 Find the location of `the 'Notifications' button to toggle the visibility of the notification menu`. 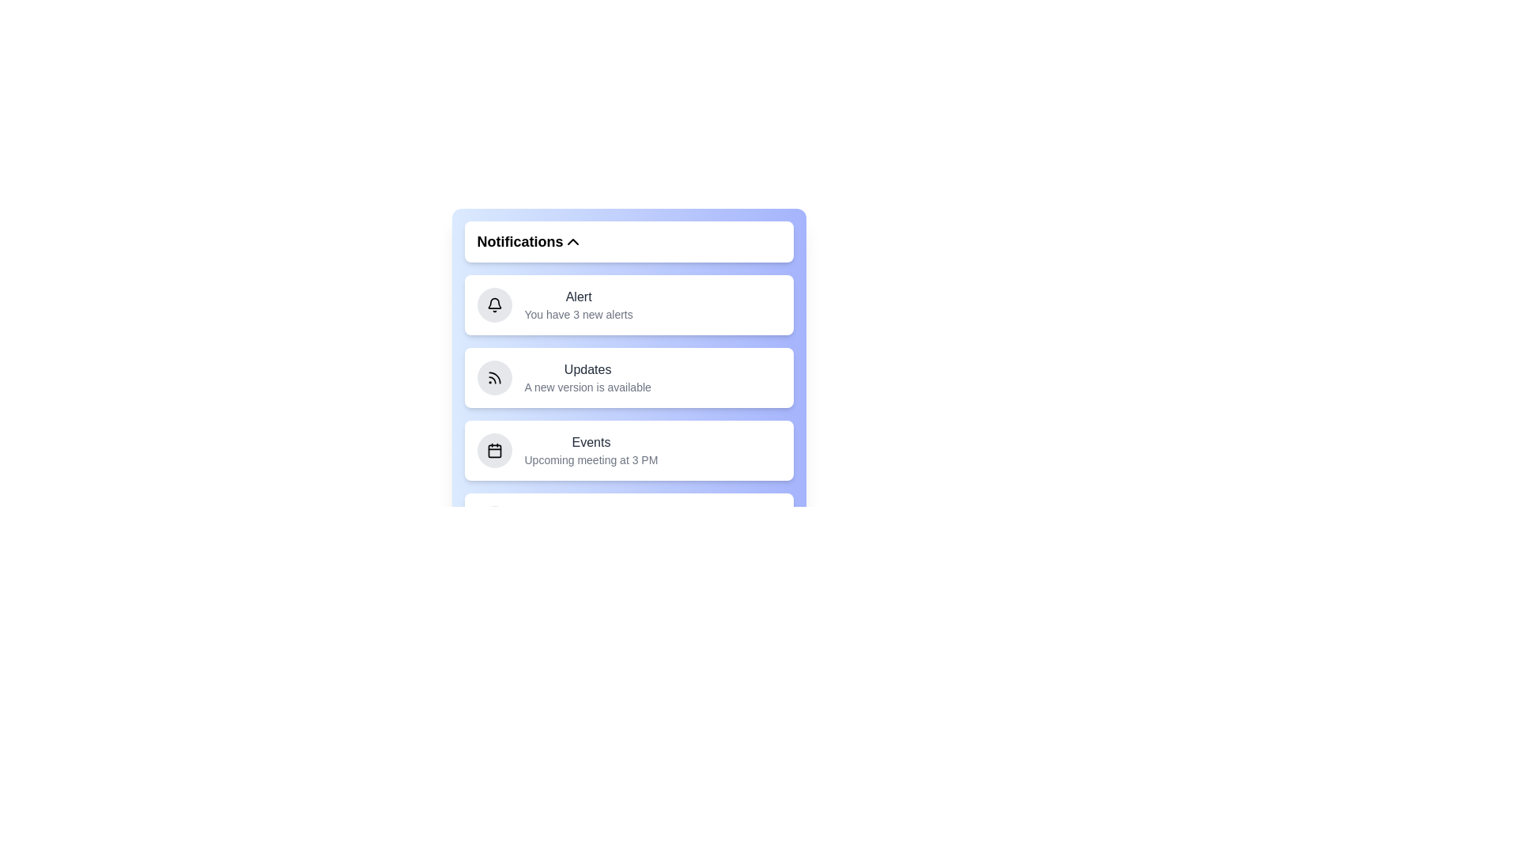

the 'Notifications' button to toggle the visibility of the notification menu is located at coordinates (628, 241).